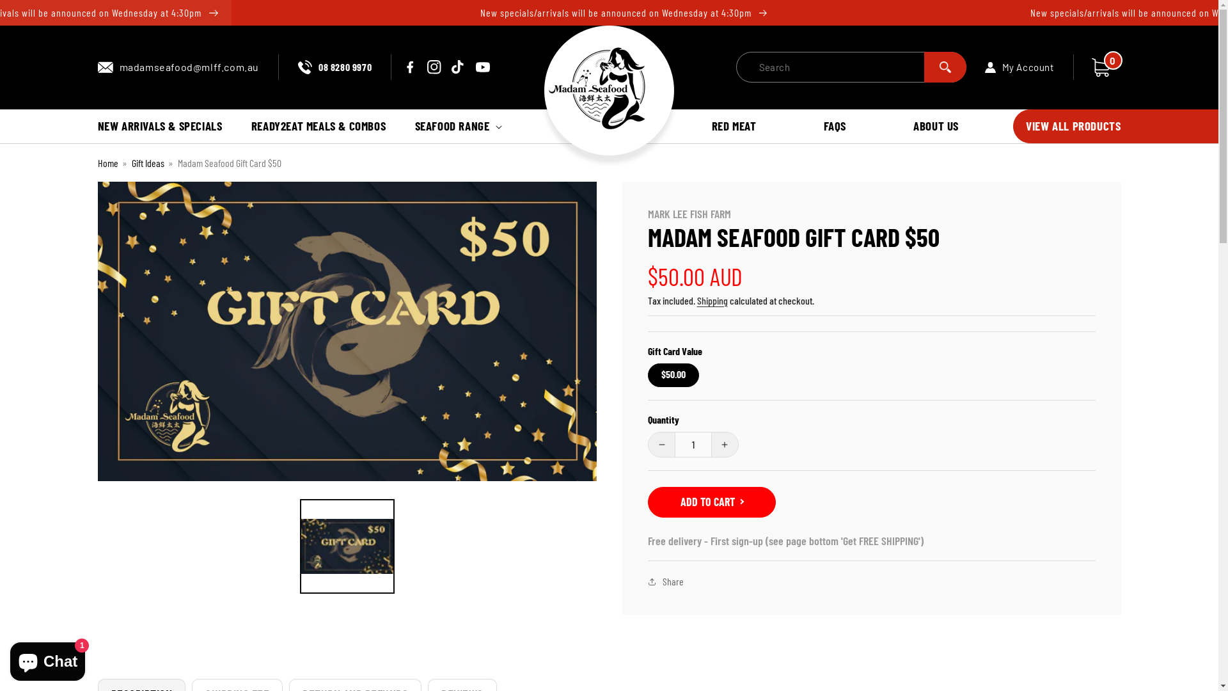 This screenshot has width=1228, height=691. Describe the element at coordinates (148, 162) in the screenshot. I see `'Gift Ideas'` at that location.